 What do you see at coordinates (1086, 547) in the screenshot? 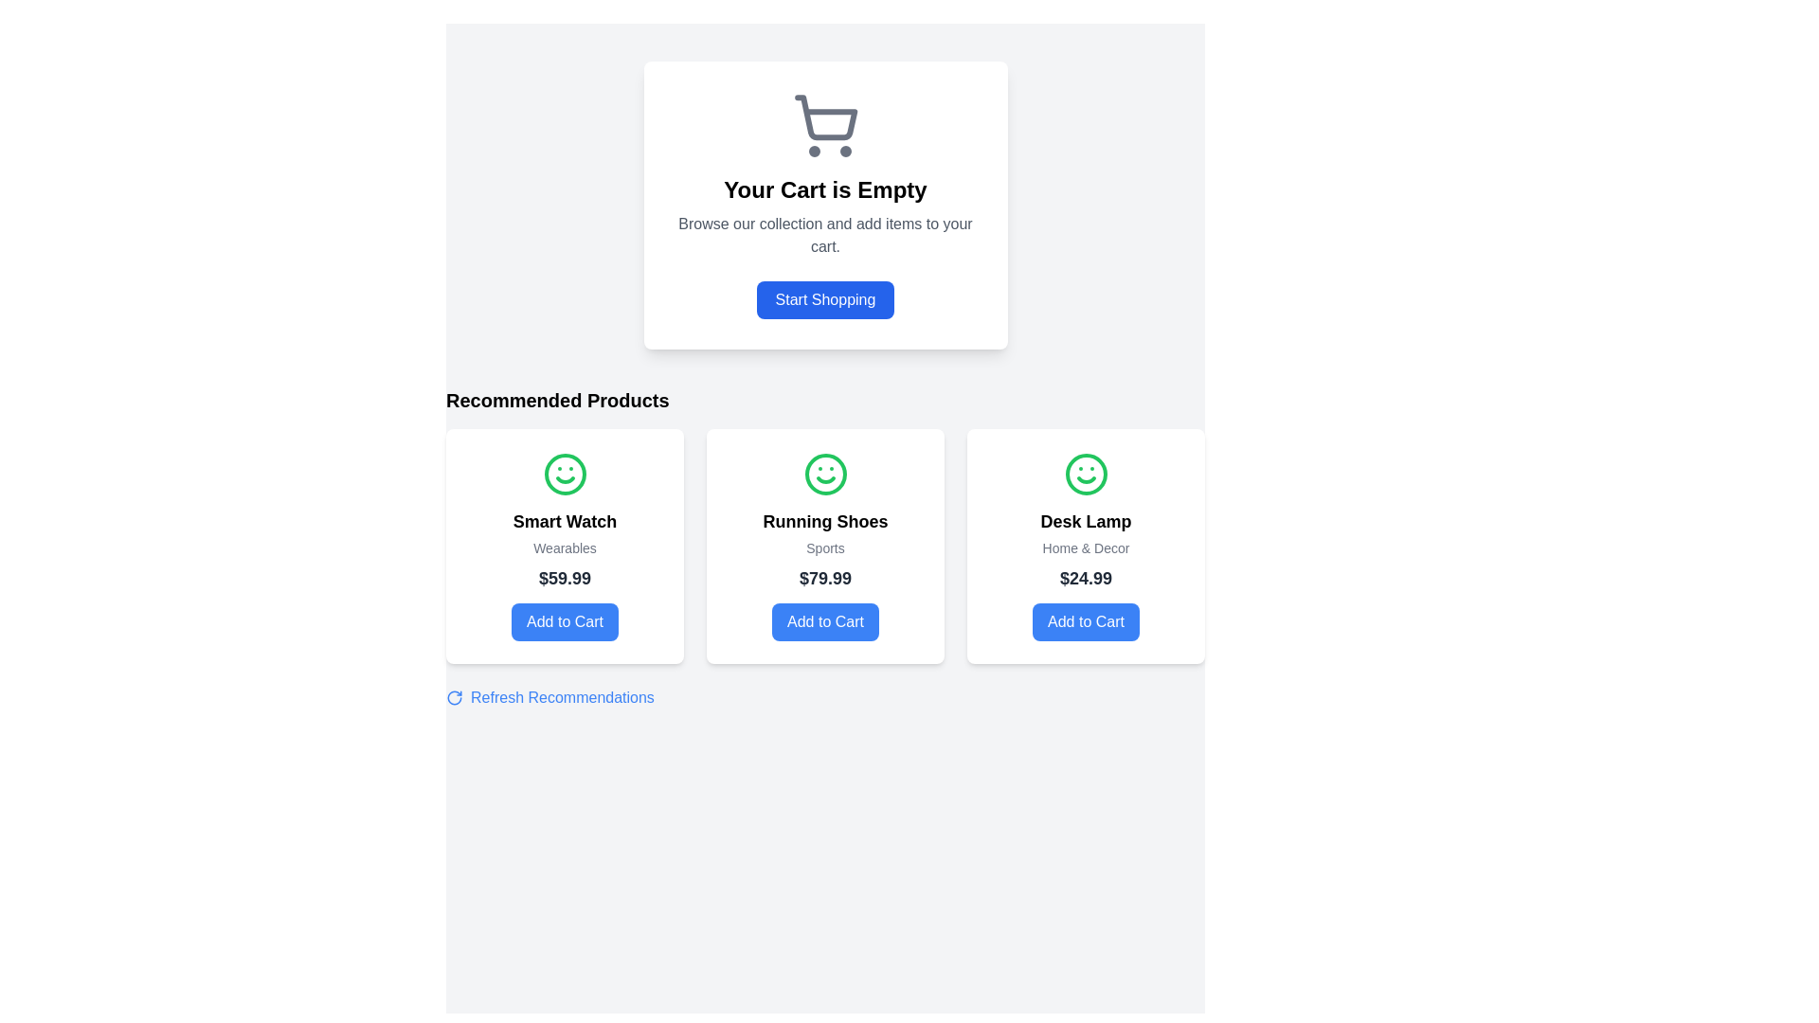
I see `the 'Home & Decor' text label, which is displayed in a small, gray, and capitalized font, located below the title 'Desk Lamp' and above the price '$24.99' in the last product card of a horizontally aligned list` at bounding box center [1086, 547].